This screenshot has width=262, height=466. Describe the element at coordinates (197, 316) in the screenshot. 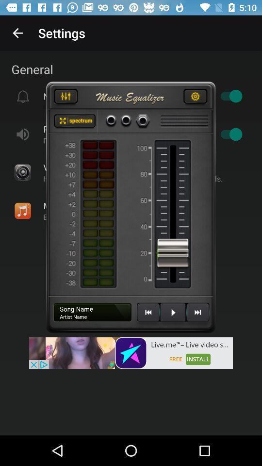

I see `back face` at that location.